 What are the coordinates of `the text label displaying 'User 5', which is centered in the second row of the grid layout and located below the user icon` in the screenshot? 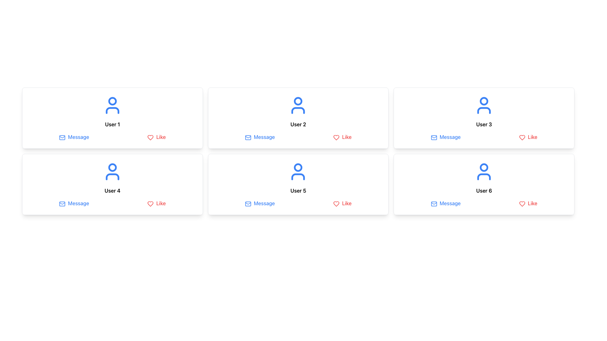 It's located at (298, 190).